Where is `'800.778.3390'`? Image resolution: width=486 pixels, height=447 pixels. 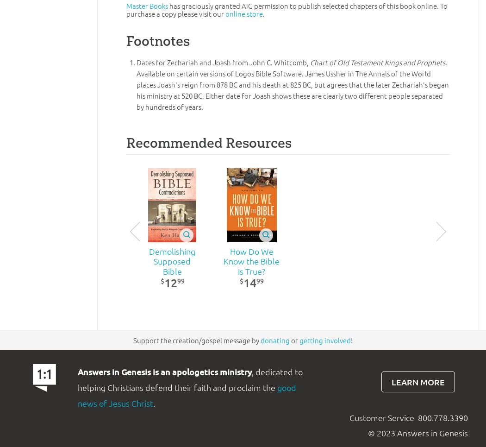
'800.778.3390' is located at coordinates (442, 416).